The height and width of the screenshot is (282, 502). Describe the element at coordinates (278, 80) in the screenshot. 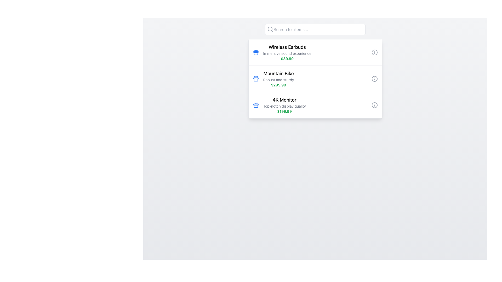

I see `the static text label providing details about 'Mountain Bike', which is positioned below the title and above the price in the UI` at that location.